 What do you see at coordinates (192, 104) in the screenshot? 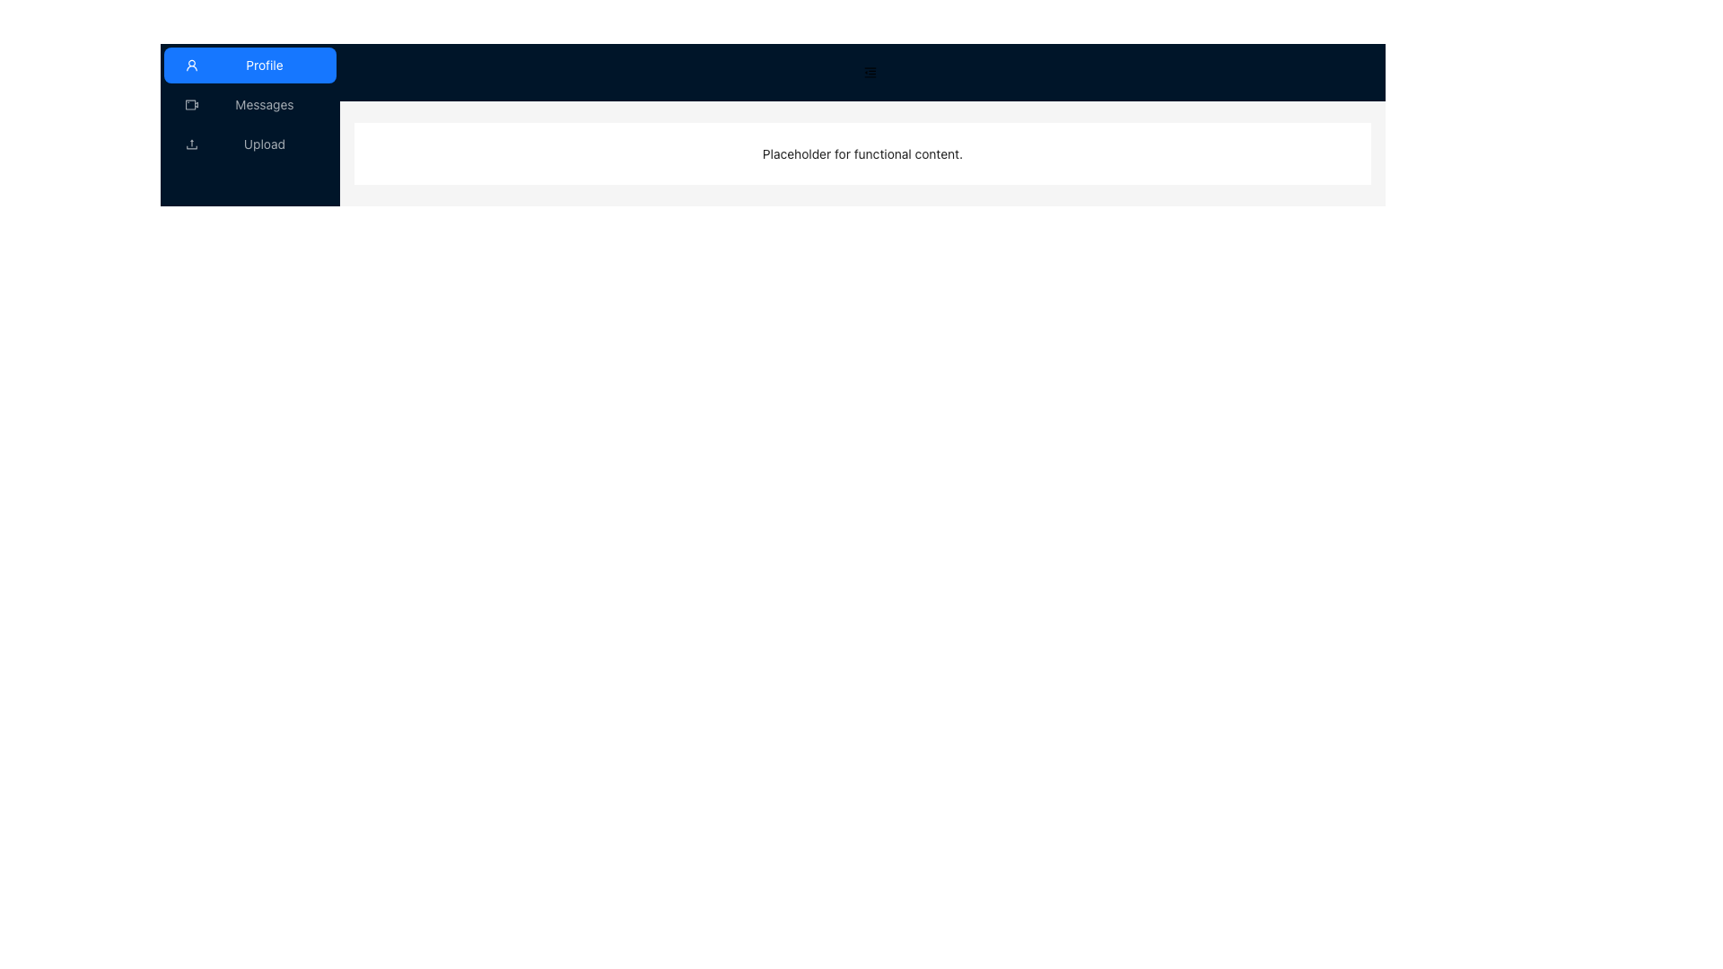
I see `the video camera icon located in the left sidebar, next to the text 'Messages'` at bounding box center [192, 104].